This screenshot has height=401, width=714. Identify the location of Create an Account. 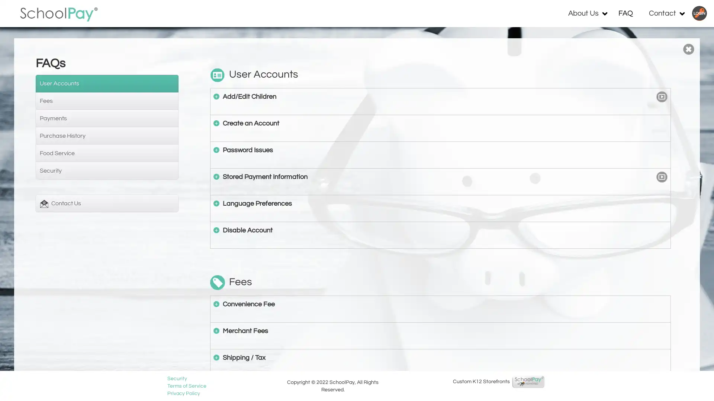
(216, 123).